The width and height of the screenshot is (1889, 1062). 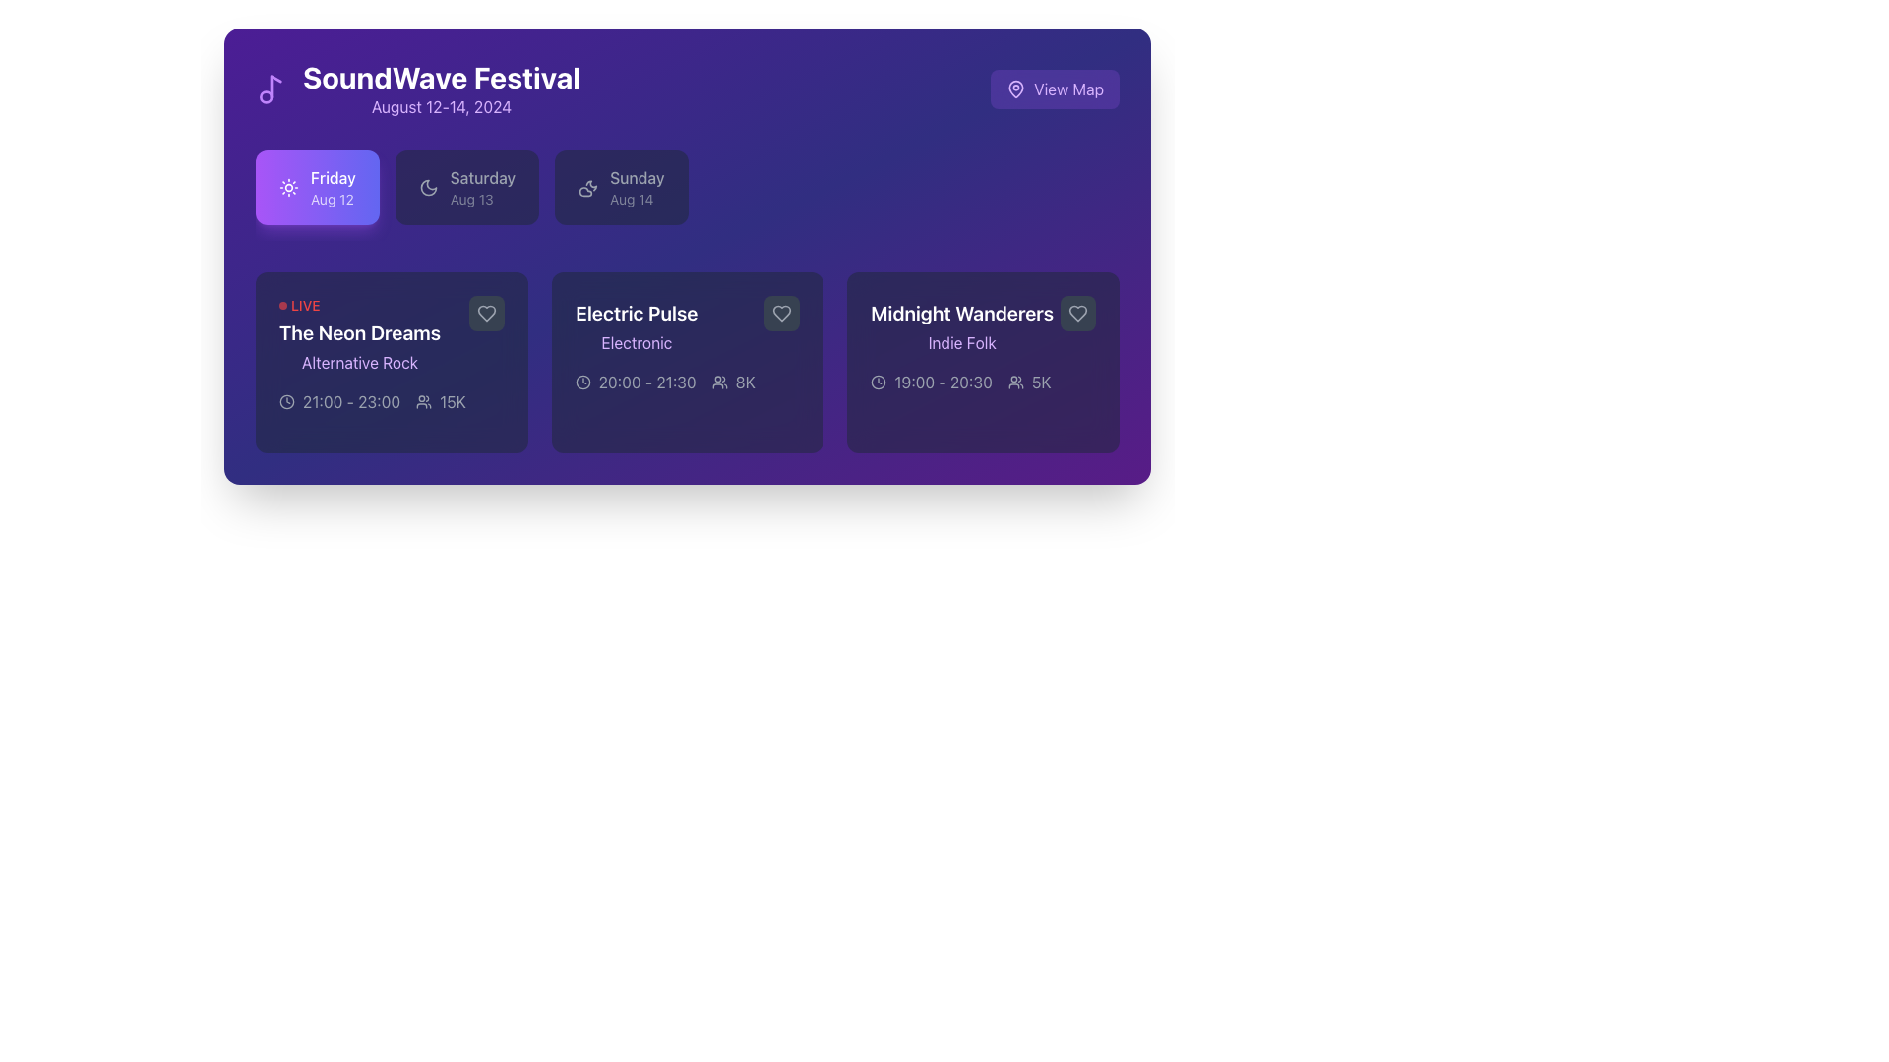 I want to click on text element styled in purple that says 'Alternative Rock', located in the first event card under the 'Friday, Aug 12' tab, below 'The Neon Dreams' title, so click(x=360, y=363).